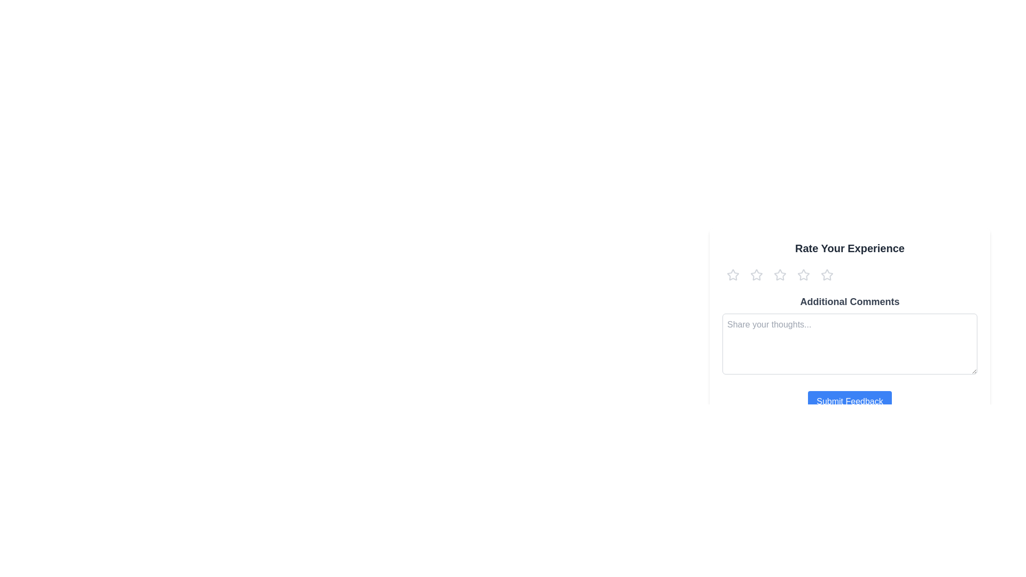 The height and width of the screenshot is (577, 1026). Describe the element at coordinates (849, 402) in the screenshot. I see `the feedback submission button located at the bottom of the feedback form to observe the hover effects` at that location.